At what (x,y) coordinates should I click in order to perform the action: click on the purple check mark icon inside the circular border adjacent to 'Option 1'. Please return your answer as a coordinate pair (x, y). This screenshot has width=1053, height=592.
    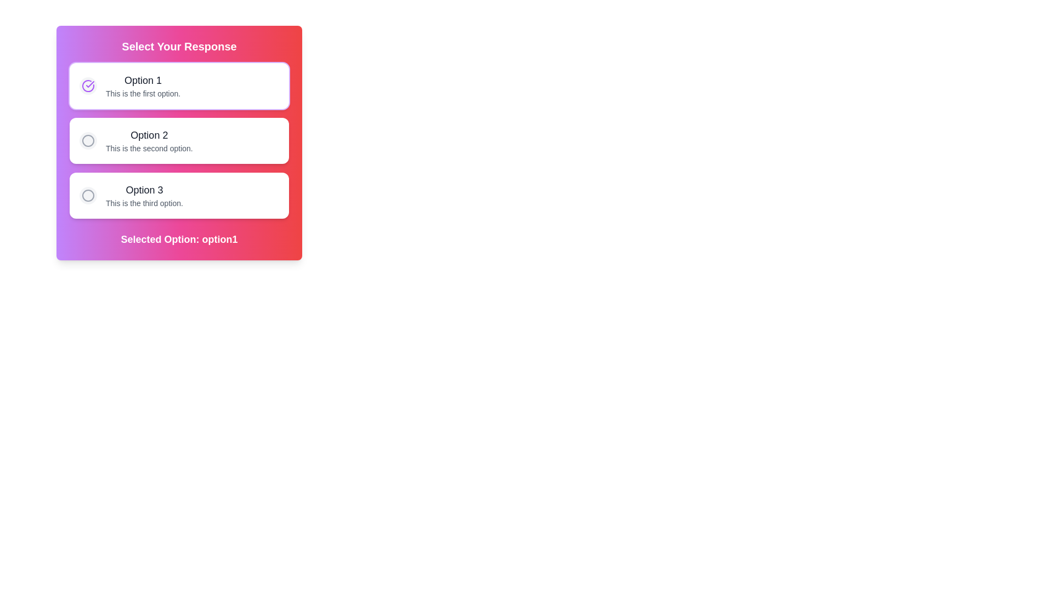
    Looking at the image, I should click on (90, 84).